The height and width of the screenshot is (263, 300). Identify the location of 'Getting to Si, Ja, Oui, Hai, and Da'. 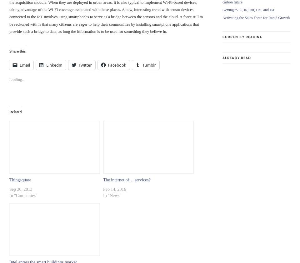
(222, 9).